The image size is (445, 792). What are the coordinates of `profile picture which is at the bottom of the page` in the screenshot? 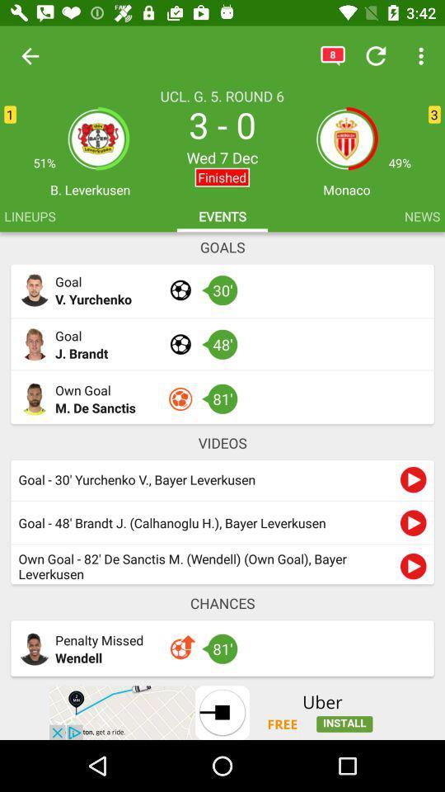 It's located at (35, 649).